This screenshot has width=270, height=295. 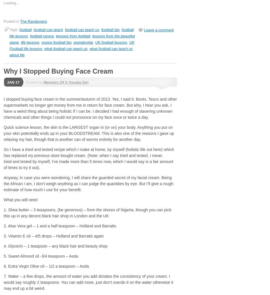 I want to click on 'novice football fan', so click(x=56, y=42).